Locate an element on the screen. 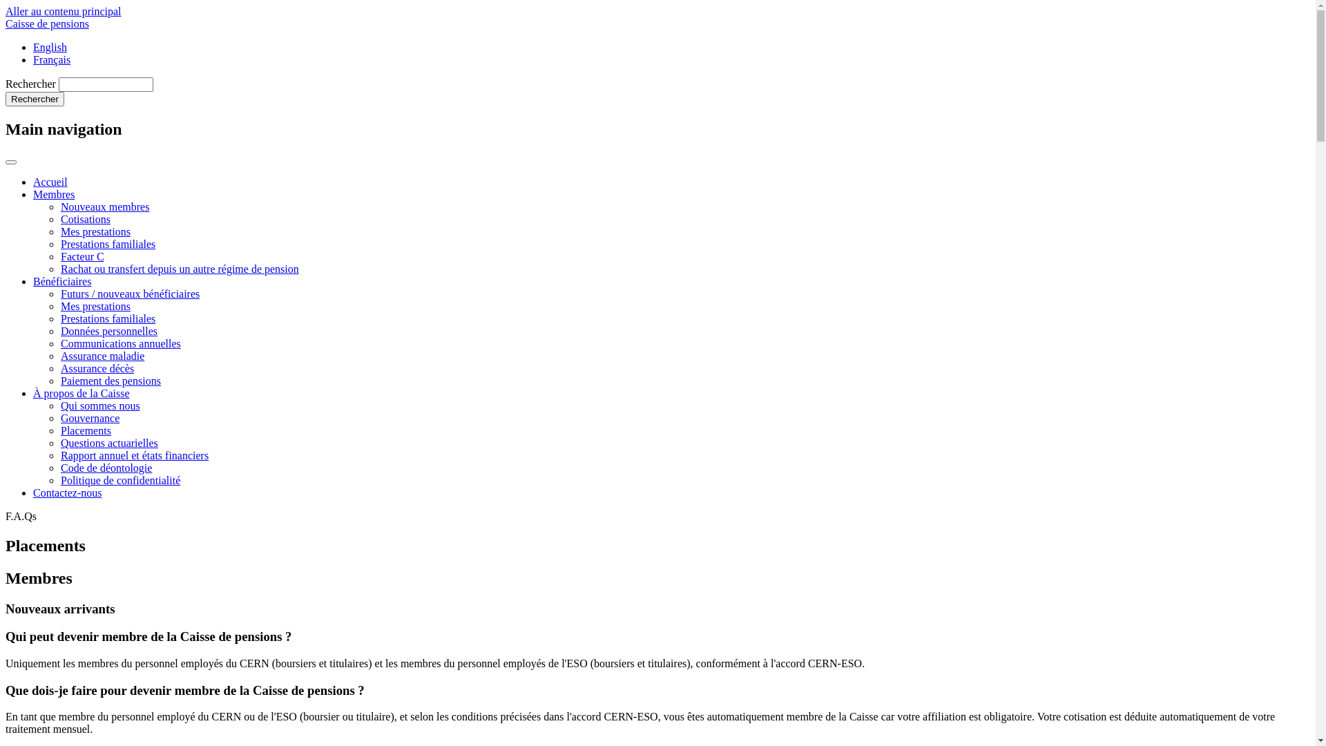 This screenshot has width=1326, height=746. 'English' is located at coordinates (50, 46).